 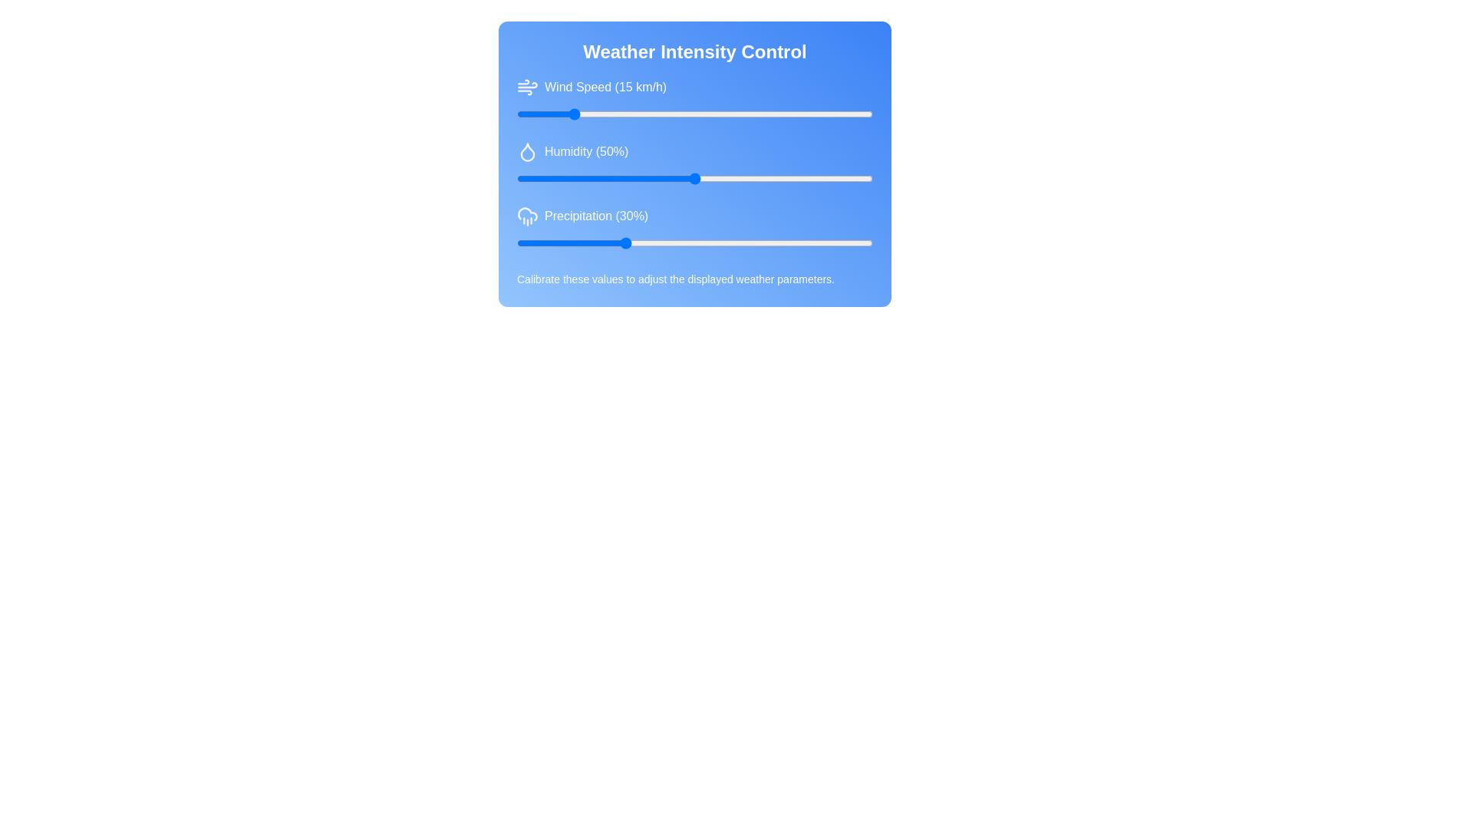 What do you see at coordinates (690, 114) in the screenshot?
I see `the wind speed` at bounding box center [690, 114].